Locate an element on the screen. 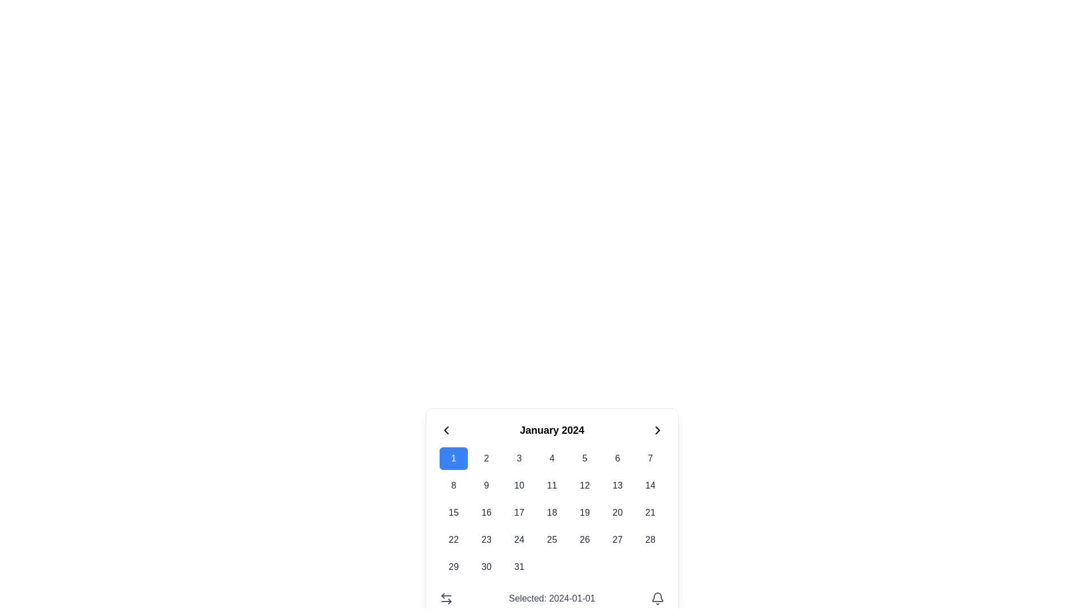  the calendar day cell displaying the number '24' is located at coordinates (518, 539).